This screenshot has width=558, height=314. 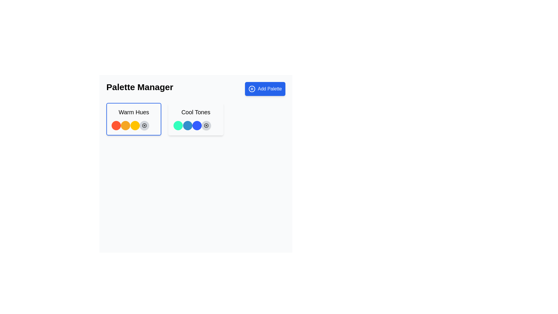 What do you see at coordinates (144, 125) in the screenshot?
I see `the right-most circular button in the row of five under the 'Warm Hues' section` at bounding box center [144, 125].